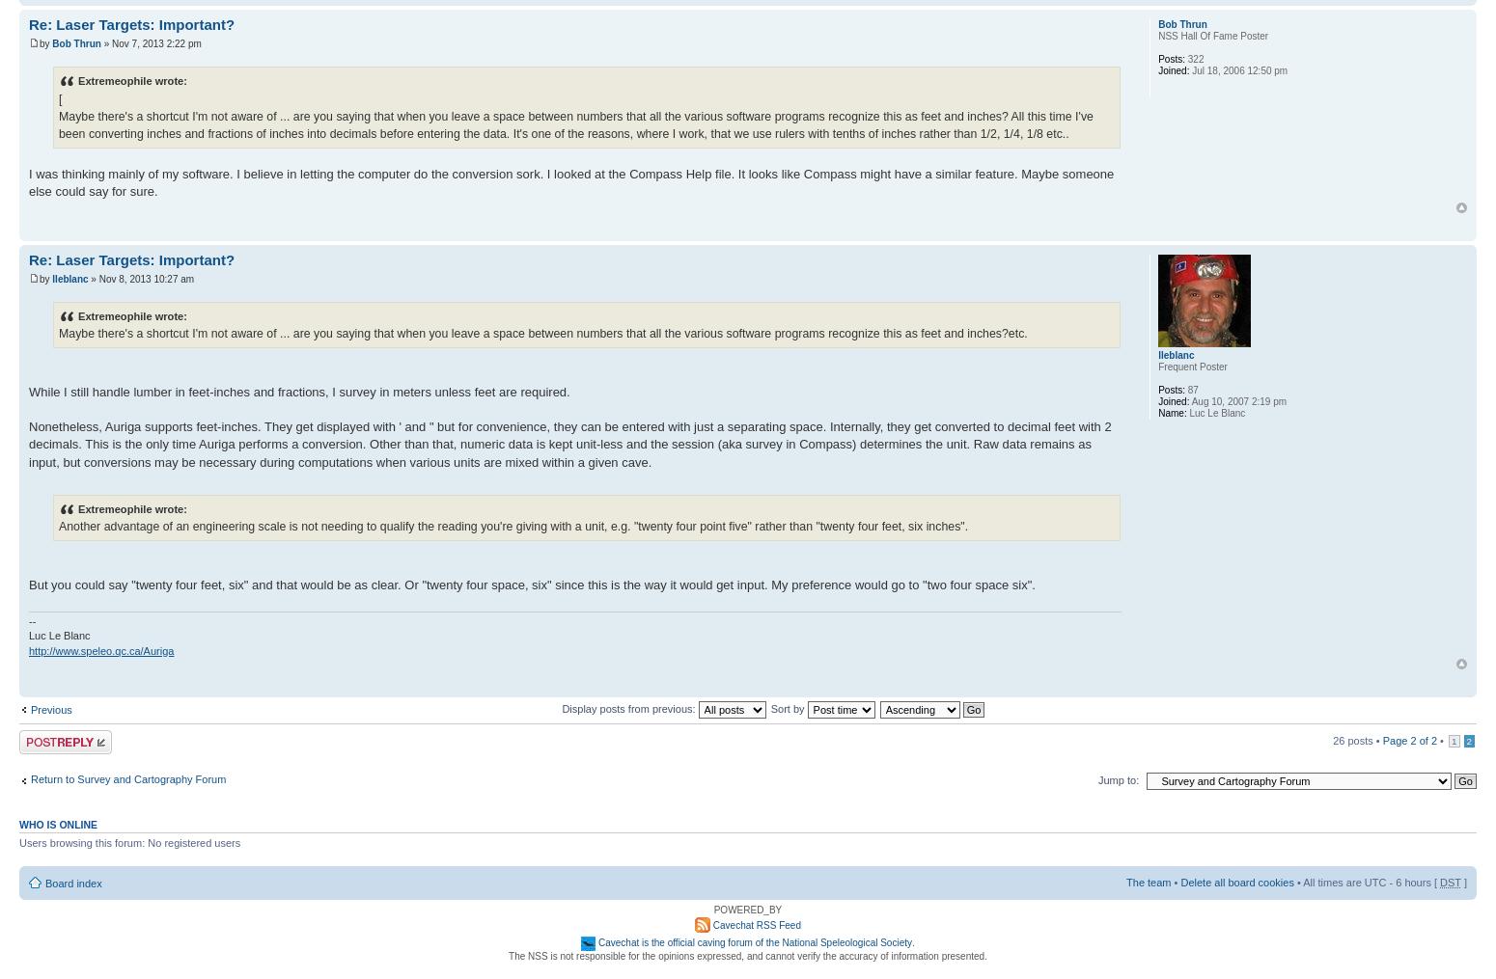  What do you see at coordinates (31, 619) in the screenshot?
I see `'--'` at bounding box center [31, 619].